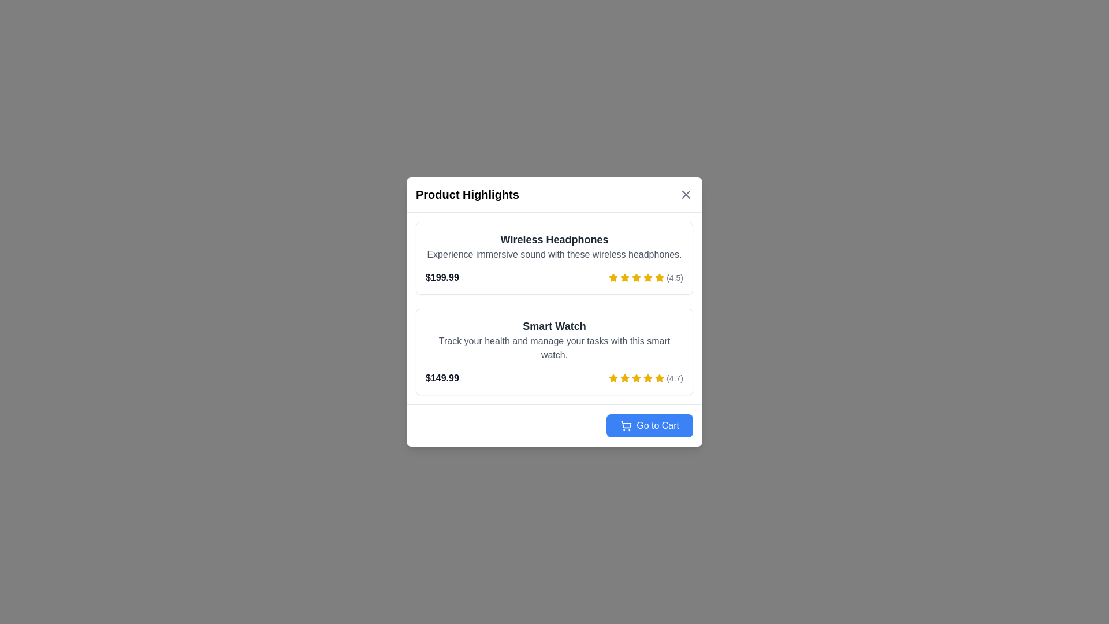 The width and height of the screenshot is (1109, 624). I want to click on the stars in the Rating indicator located within the 'Smart Watch' product card, positioned to the right of the text '$149.99', to interact with the rating system, so click(645, 378).